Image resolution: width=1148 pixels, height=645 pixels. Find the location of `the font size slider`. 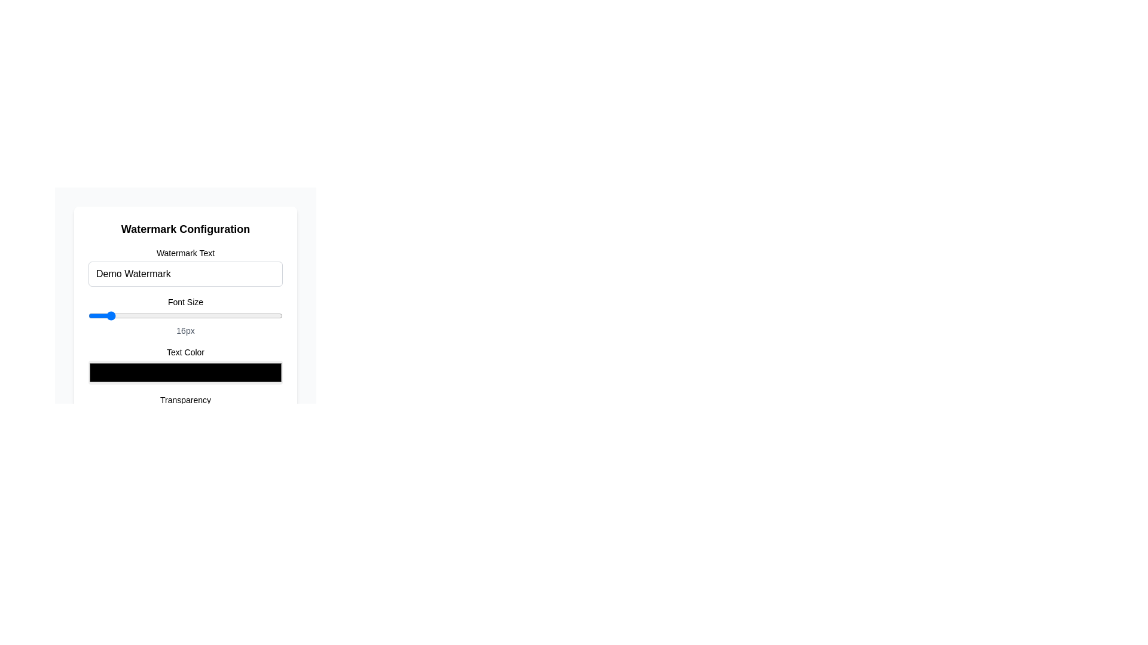

the font size slider is located at coordinates (129, 315).